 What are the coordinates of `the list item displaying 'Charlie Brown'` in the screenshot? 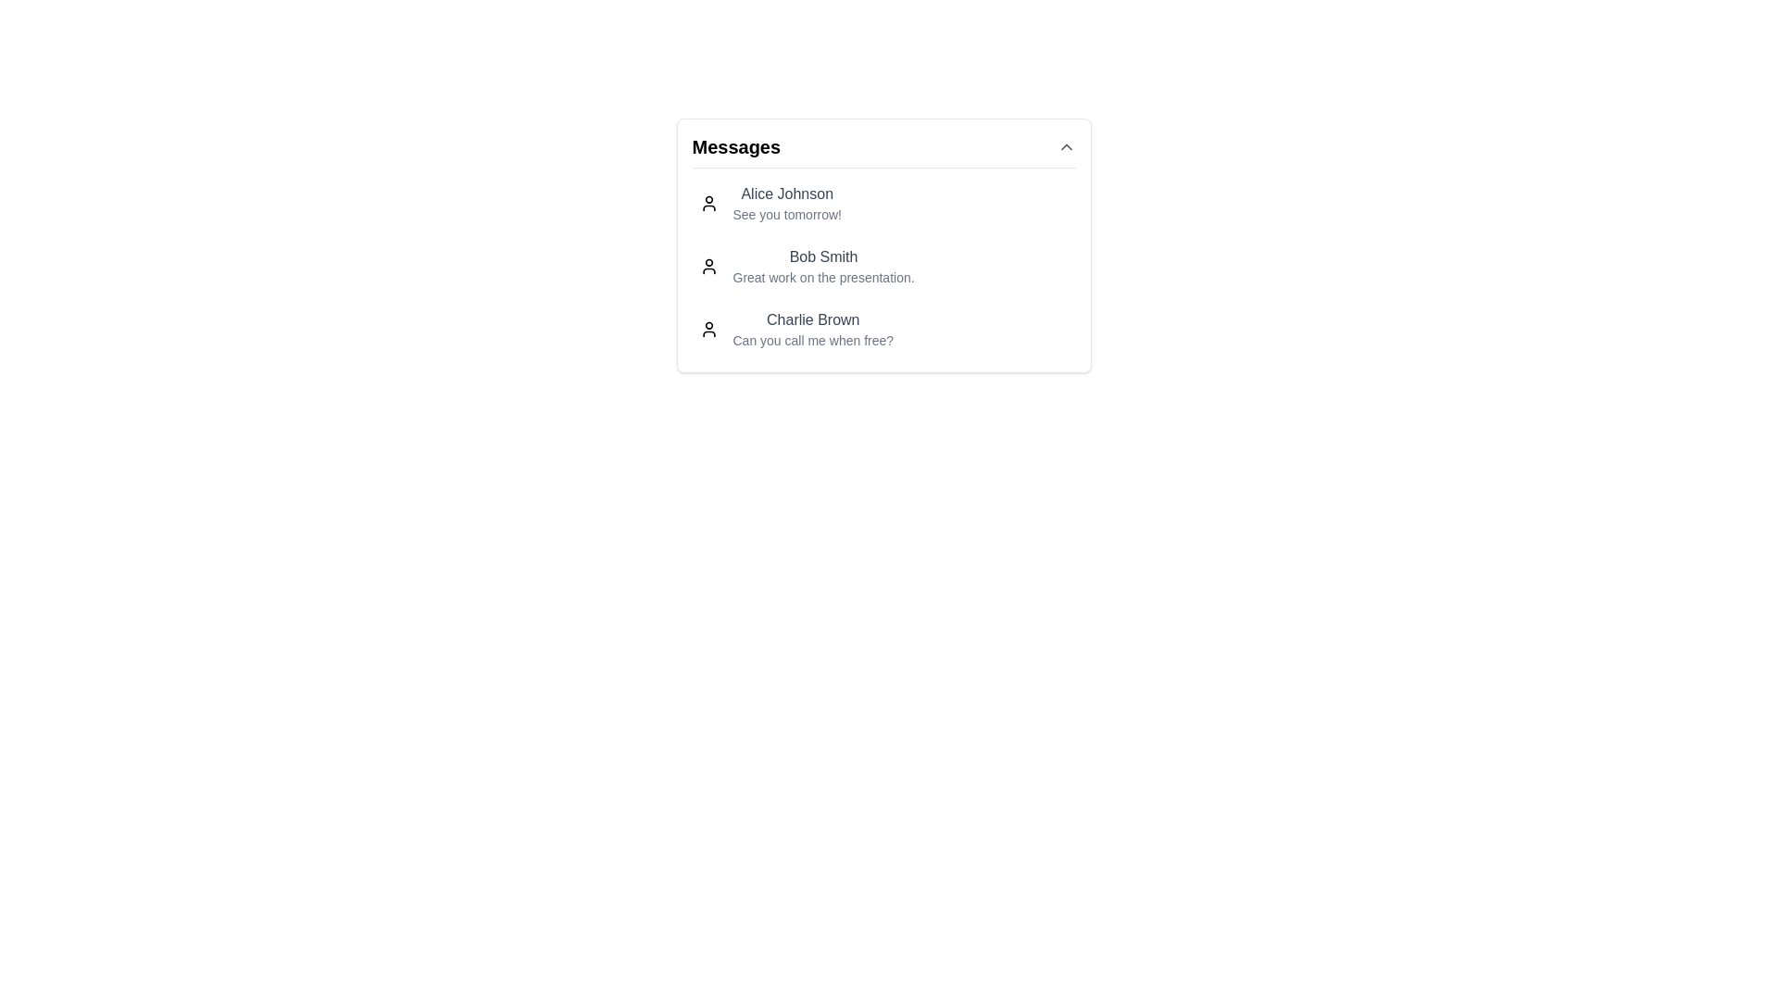 It's located at (813, 328).